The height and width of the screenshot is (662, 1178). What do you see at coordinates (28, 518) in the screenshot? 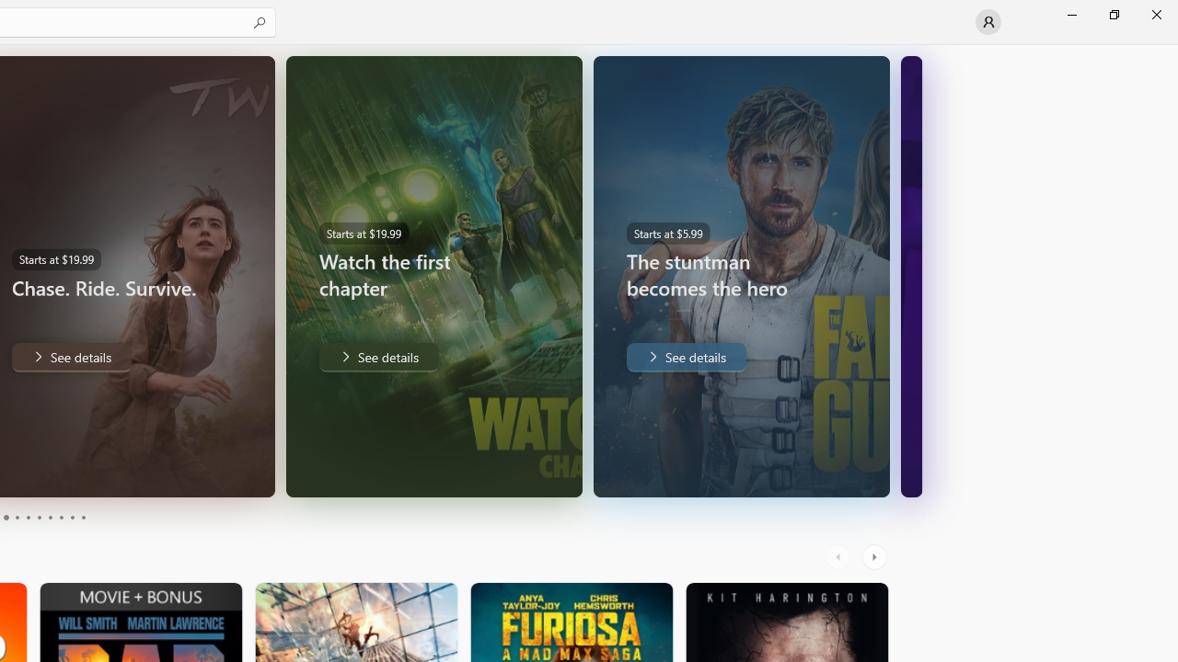
I see `'Page 5'` at bounding box center [28, 518].